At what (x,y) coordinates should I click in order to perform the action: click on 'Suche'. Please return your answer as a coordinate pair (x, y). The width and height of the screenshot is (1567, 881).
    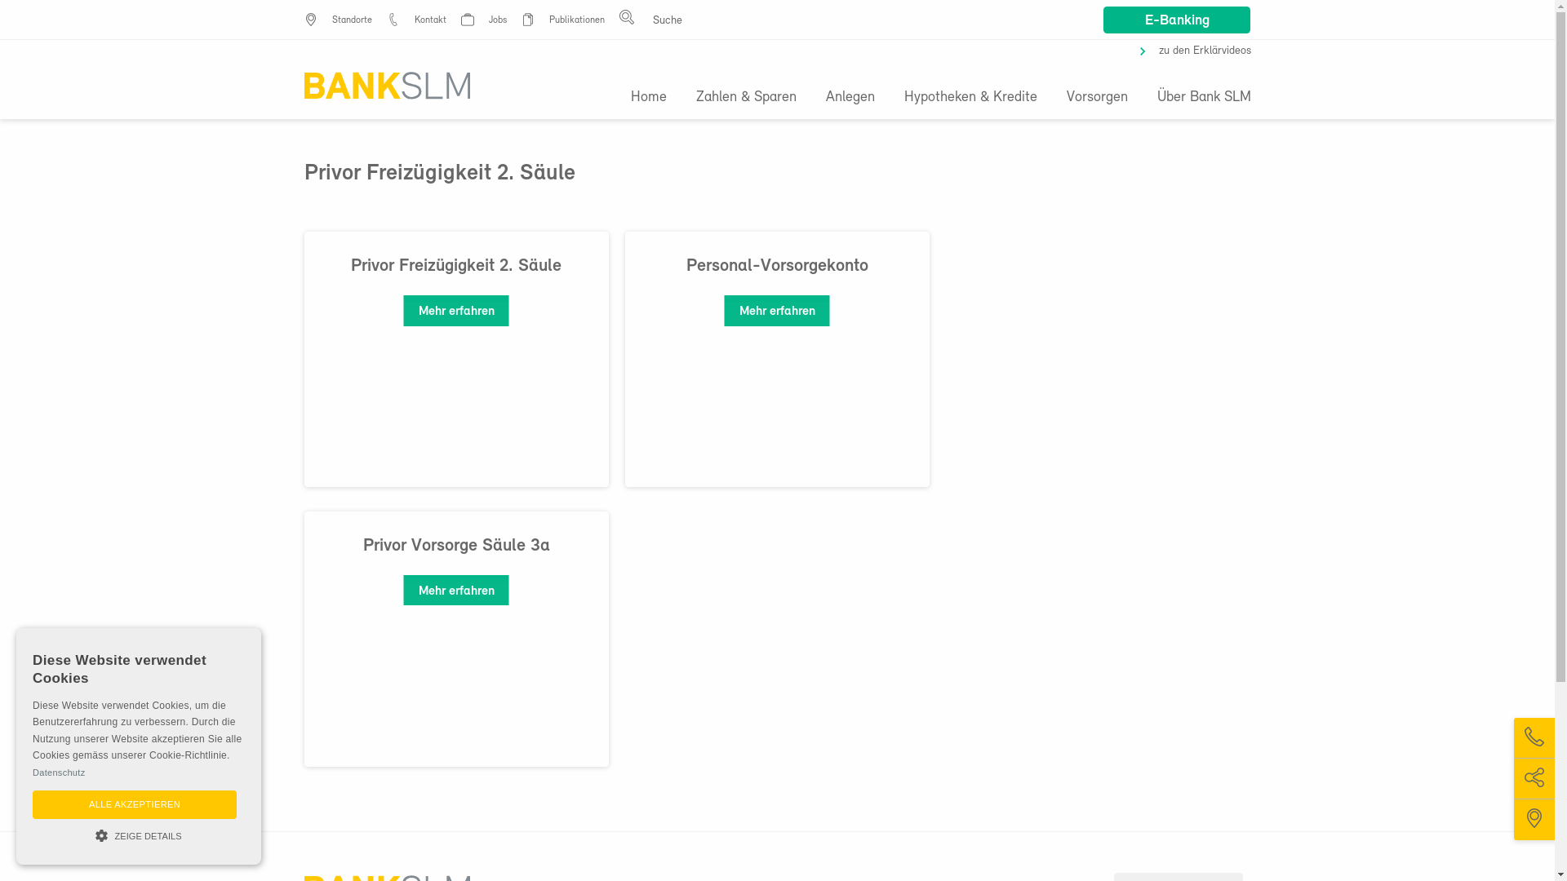
    Looking at the image, I should click on (24, 11).